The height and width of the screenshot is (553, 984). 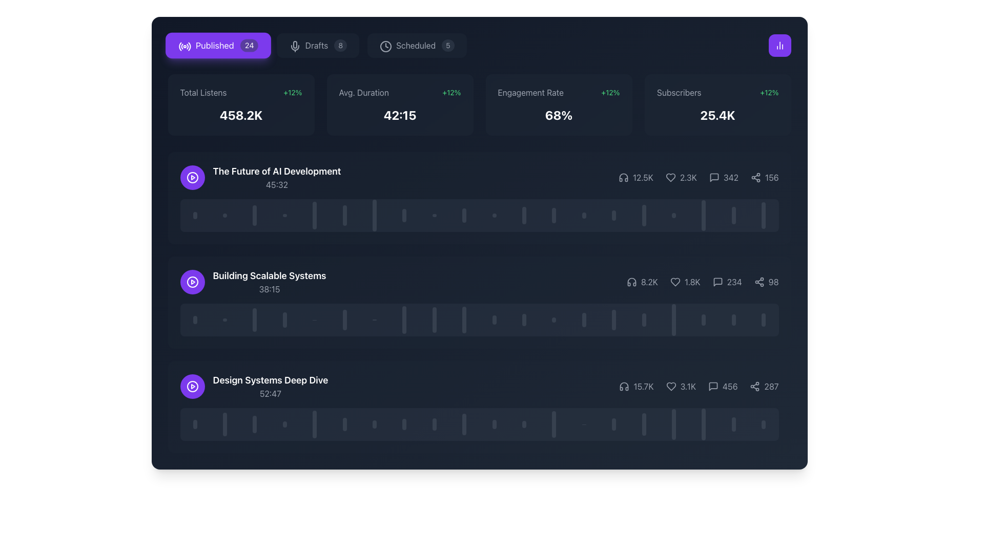 I want to click on the text display element showing the numerical value '15.7K' rendered in light gray color, located adjacent to a headphone icon, positioned in the bottom row of the page, so click(x=636, y=387).